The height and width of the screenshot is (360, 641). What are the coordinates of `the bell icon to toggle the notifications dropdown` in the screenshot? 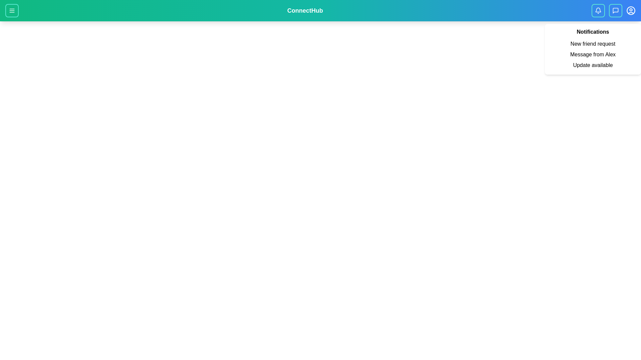 It's located at (598, 10).